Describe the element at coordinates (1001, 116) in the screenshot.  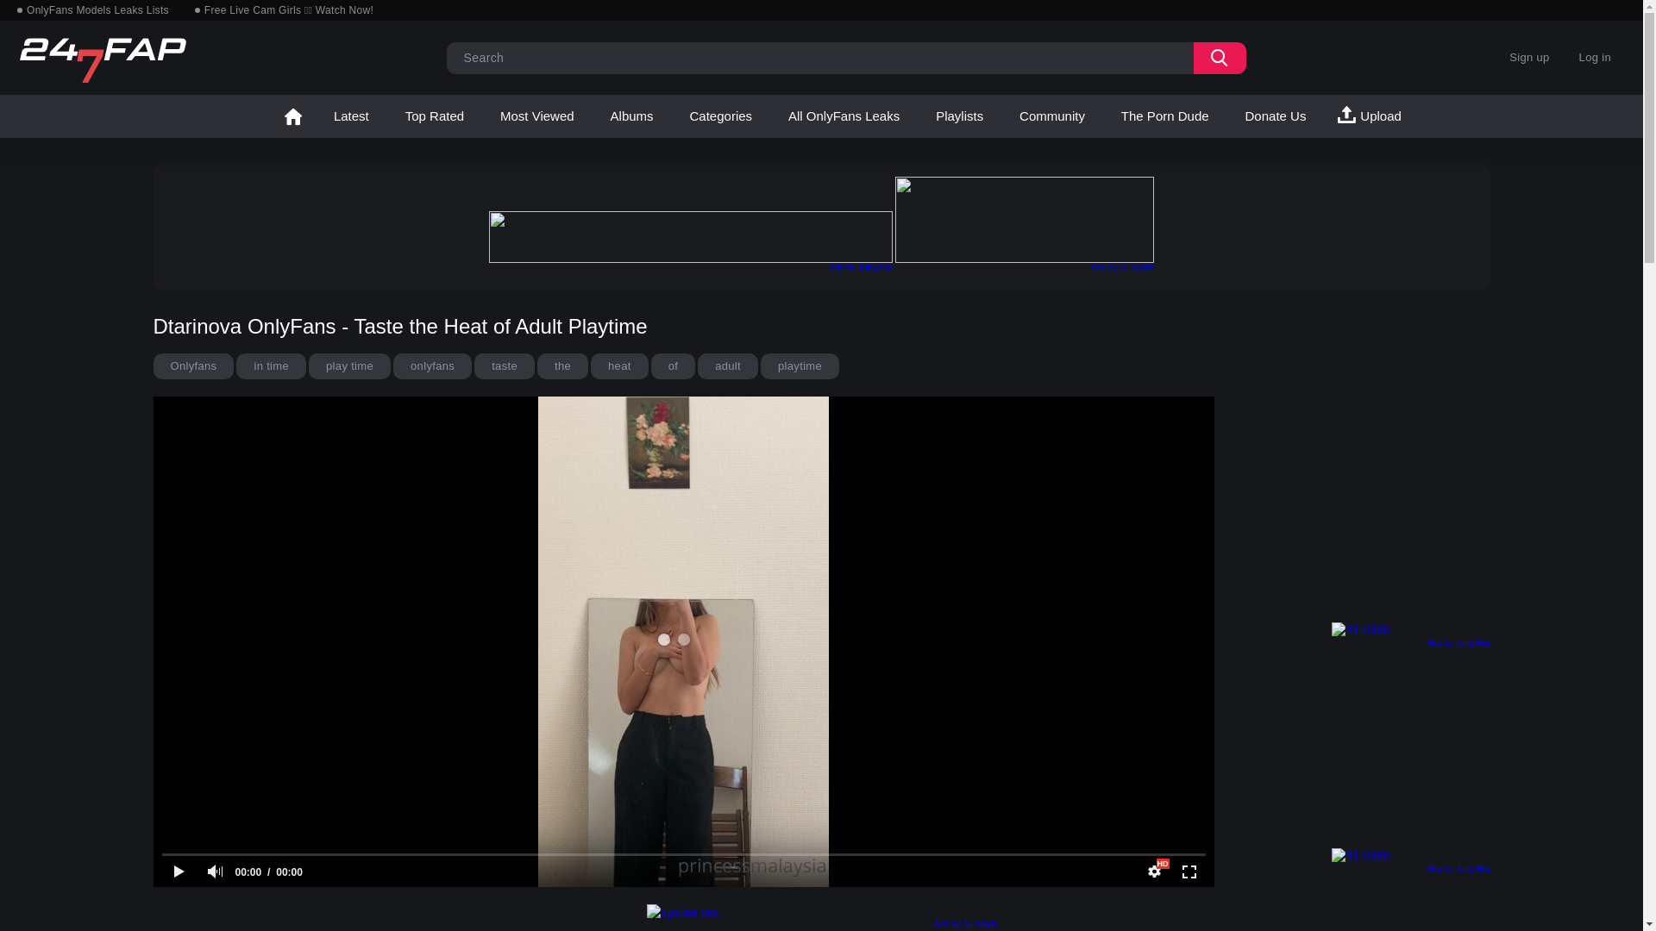
I see `'Community'` at that location.